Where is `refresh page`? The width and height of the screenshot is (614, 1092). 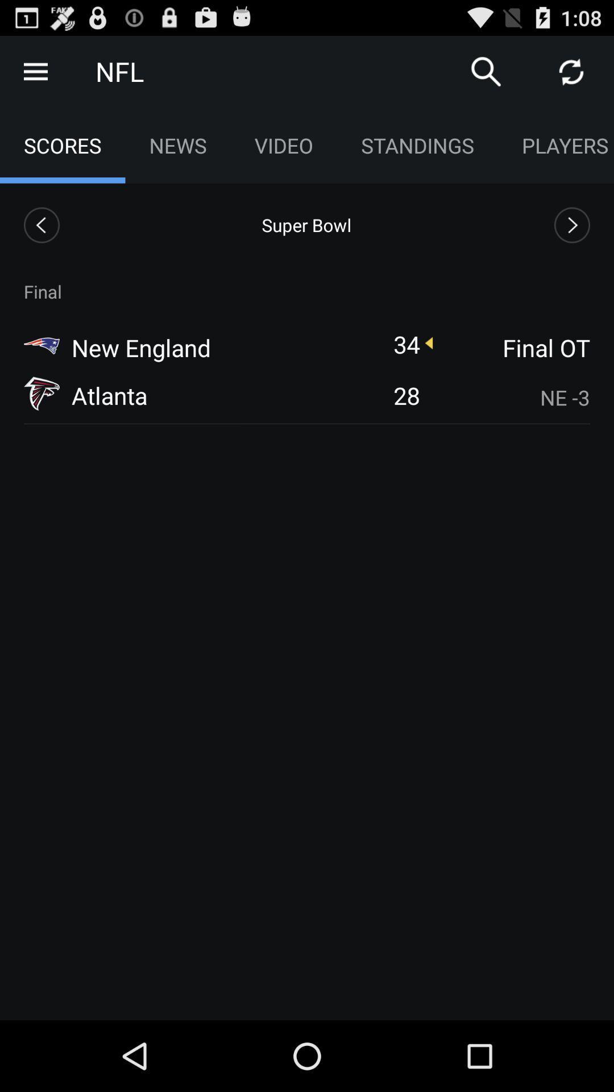 refresh page is located at coordinates (571, 71).